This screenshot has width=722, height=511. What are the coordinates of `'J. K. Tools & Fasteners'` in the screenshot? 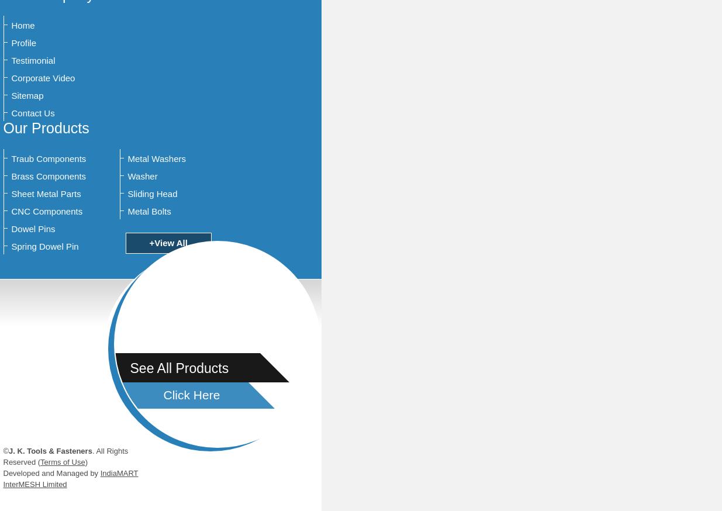 It's located at (49, 450).